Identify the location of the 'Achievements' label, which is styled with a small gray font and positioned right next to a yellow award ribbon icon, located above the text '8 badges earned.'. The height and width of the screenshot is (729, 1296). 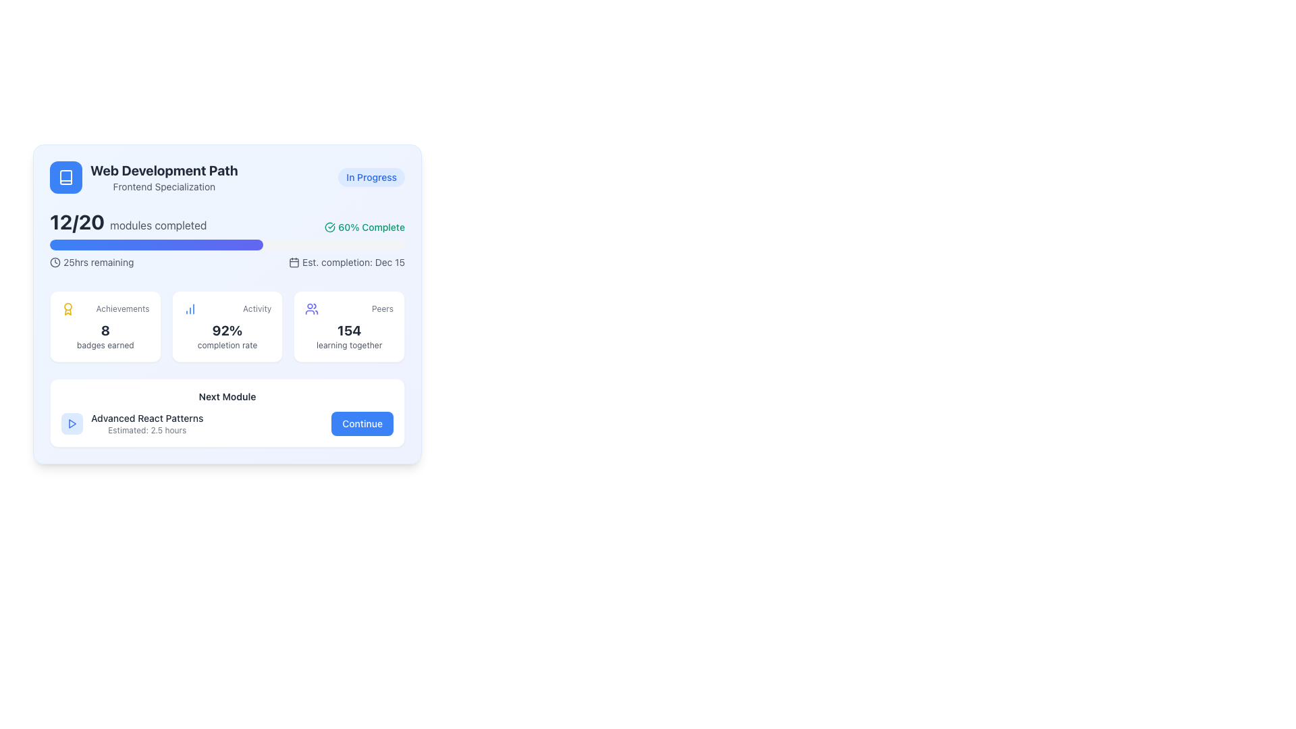
(123, 309).